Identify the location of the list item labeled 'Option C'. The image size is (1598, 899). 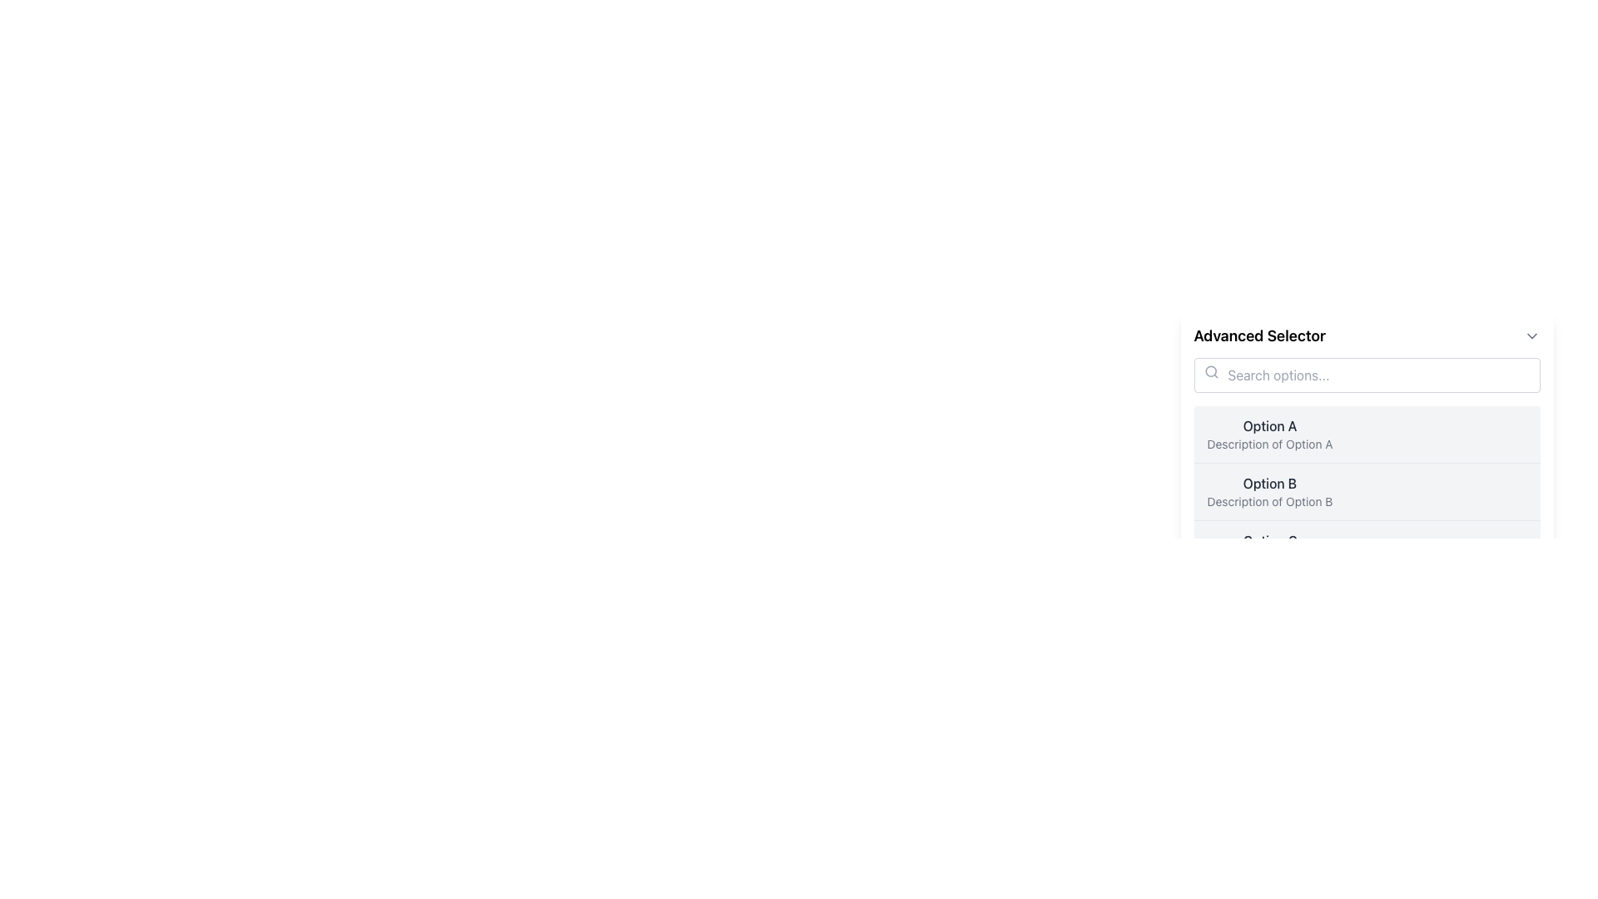
(1269, 549).